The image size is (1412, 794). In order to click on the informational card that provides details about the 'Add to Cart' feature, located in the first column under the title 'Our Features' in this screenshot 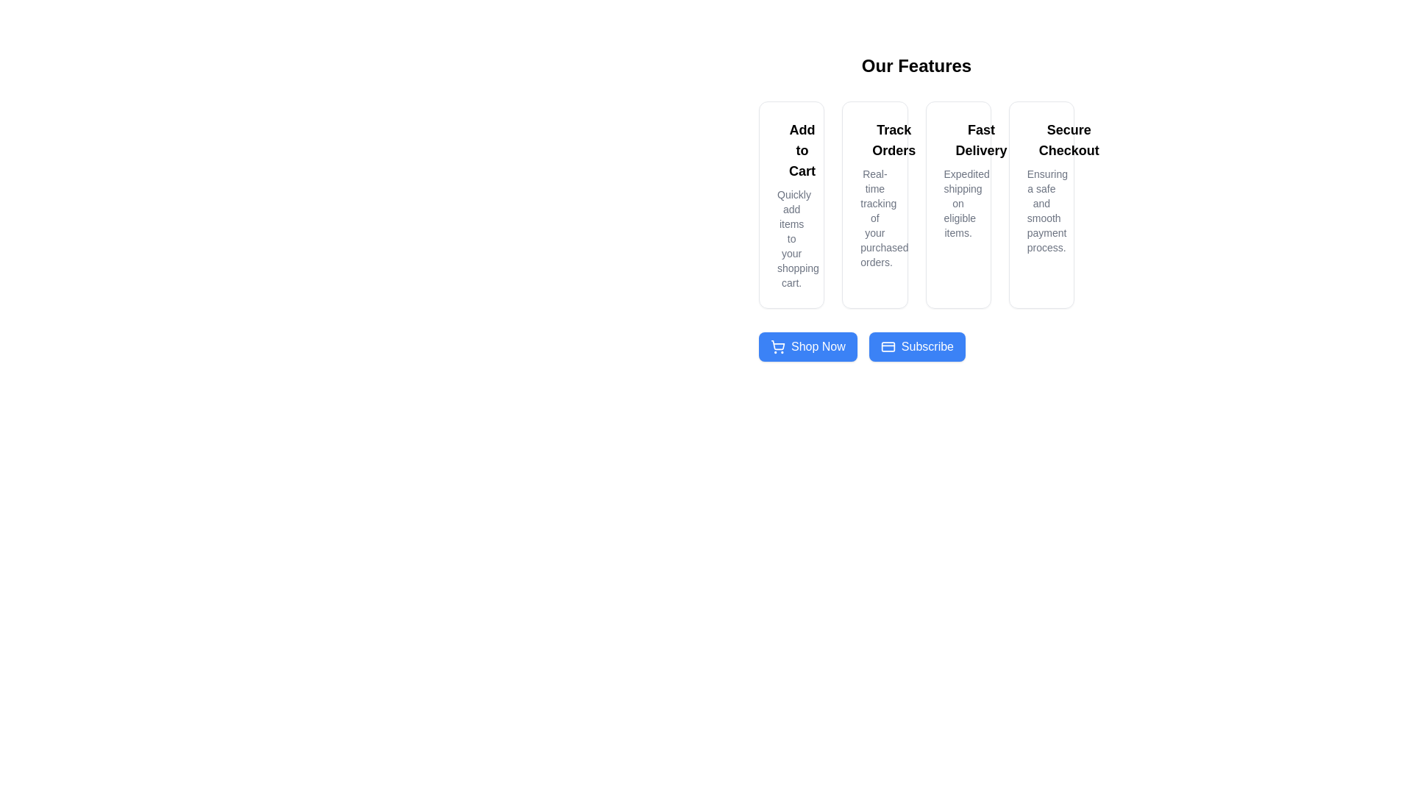, I will do `click(791, 204)`.